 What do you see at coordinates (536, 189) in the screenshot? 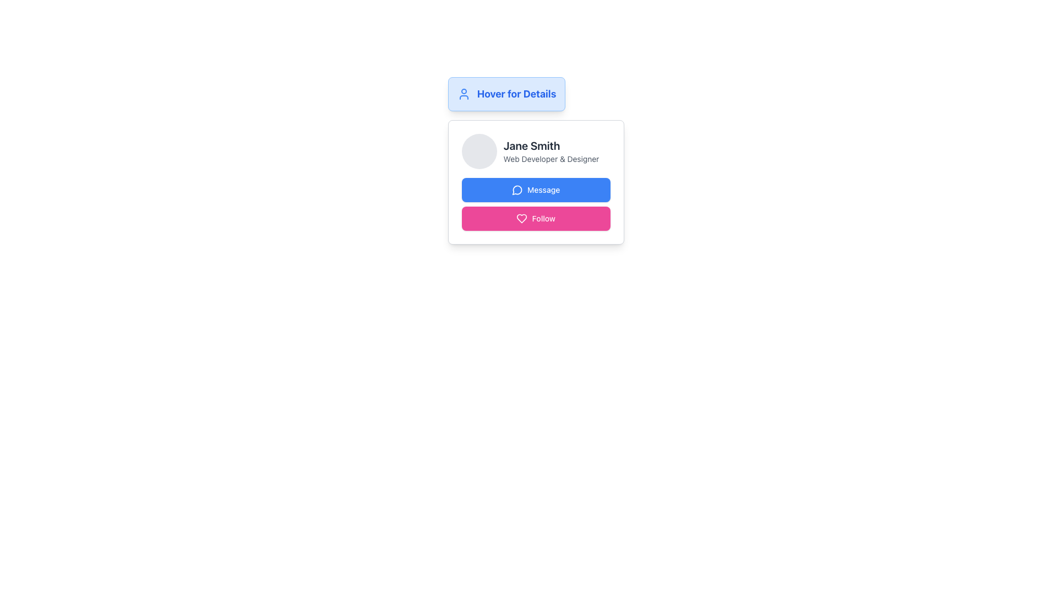
I see `the messaging button located in the middle portion of the card UI component, positioned directly above the pink 'Follow' button, to possibly see tooltip or animation effects` at bounding box center [536, 189].